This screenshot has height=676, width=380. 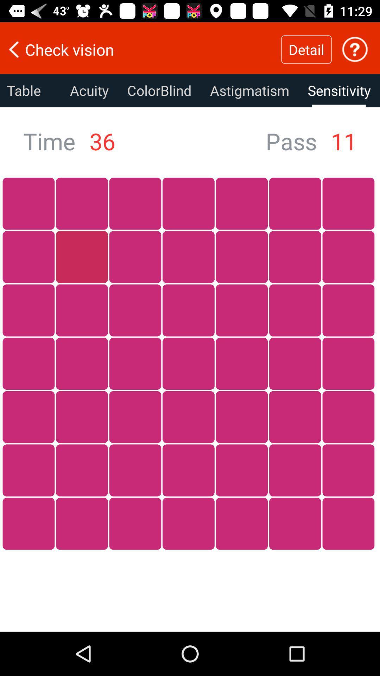 I want to click on icon to the right of acuity icon, so click(x=159, y=90).